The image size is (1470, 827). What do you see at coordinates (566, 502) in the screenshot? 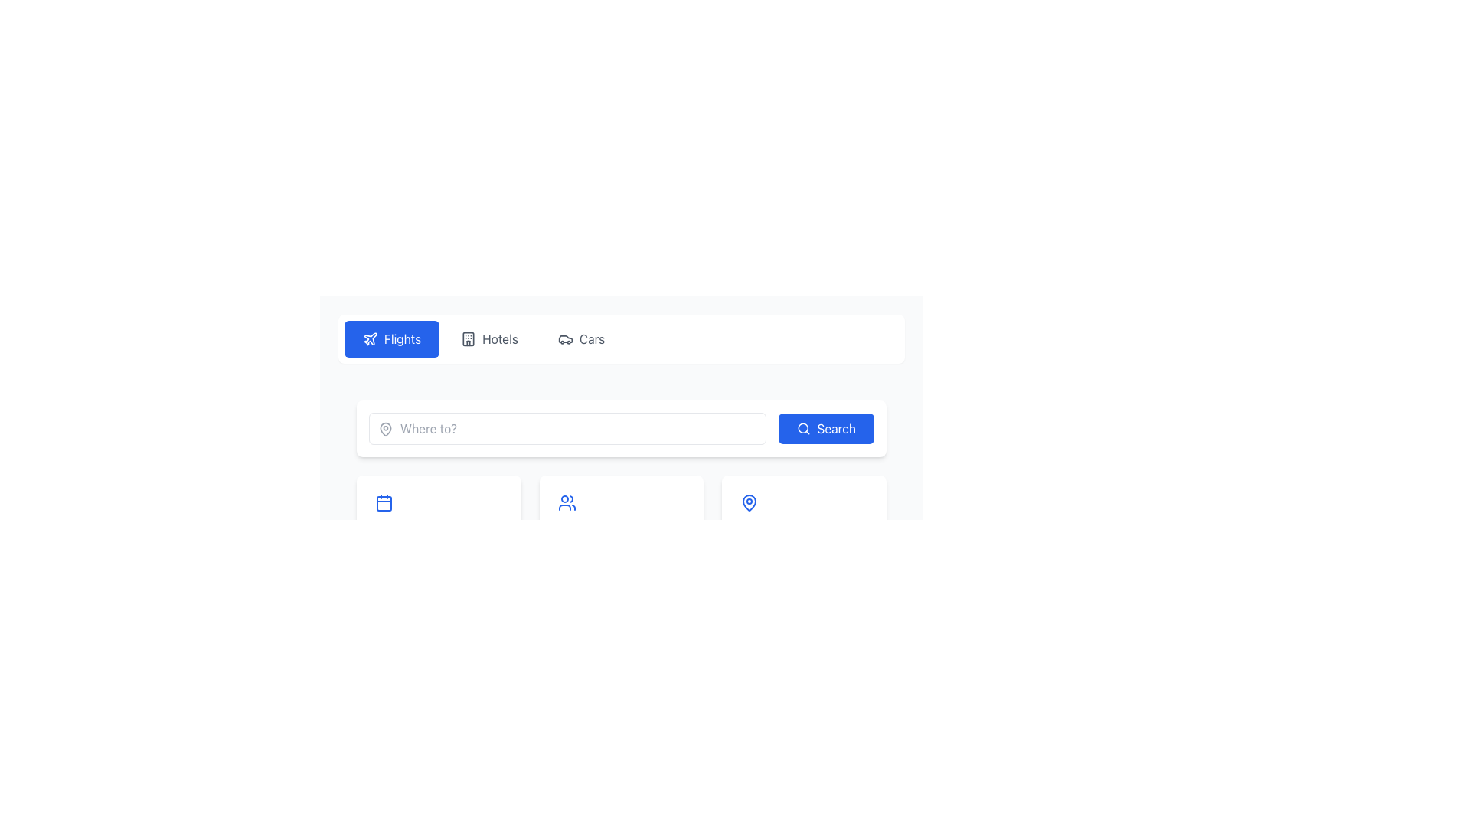
I see `the group icon depicting stylized silhouettes of people, which is located in the 'Group Booking' card layout at the top-left, above the text 'Special rates for 9+ travelers'` at bounding box center [566, 502].